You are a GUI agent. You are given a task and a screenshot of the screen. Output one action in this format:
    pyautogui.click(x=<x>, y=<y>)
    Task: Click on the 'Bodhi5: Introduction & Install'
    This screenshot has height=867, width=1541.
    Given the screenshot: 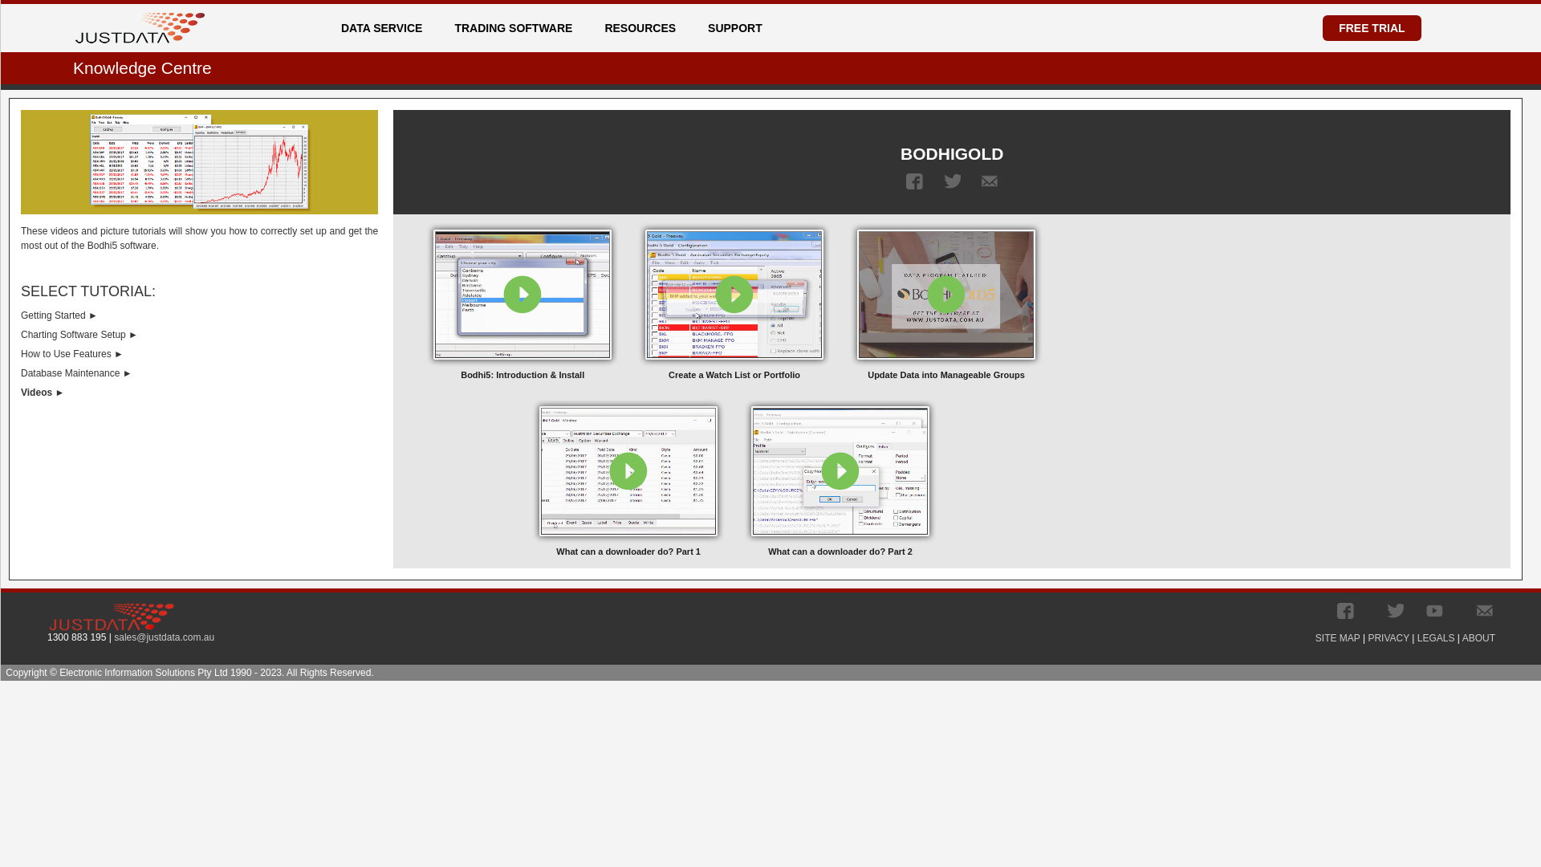 What is the action you would take?
    pyautogui.click(x=426, y=303)
    